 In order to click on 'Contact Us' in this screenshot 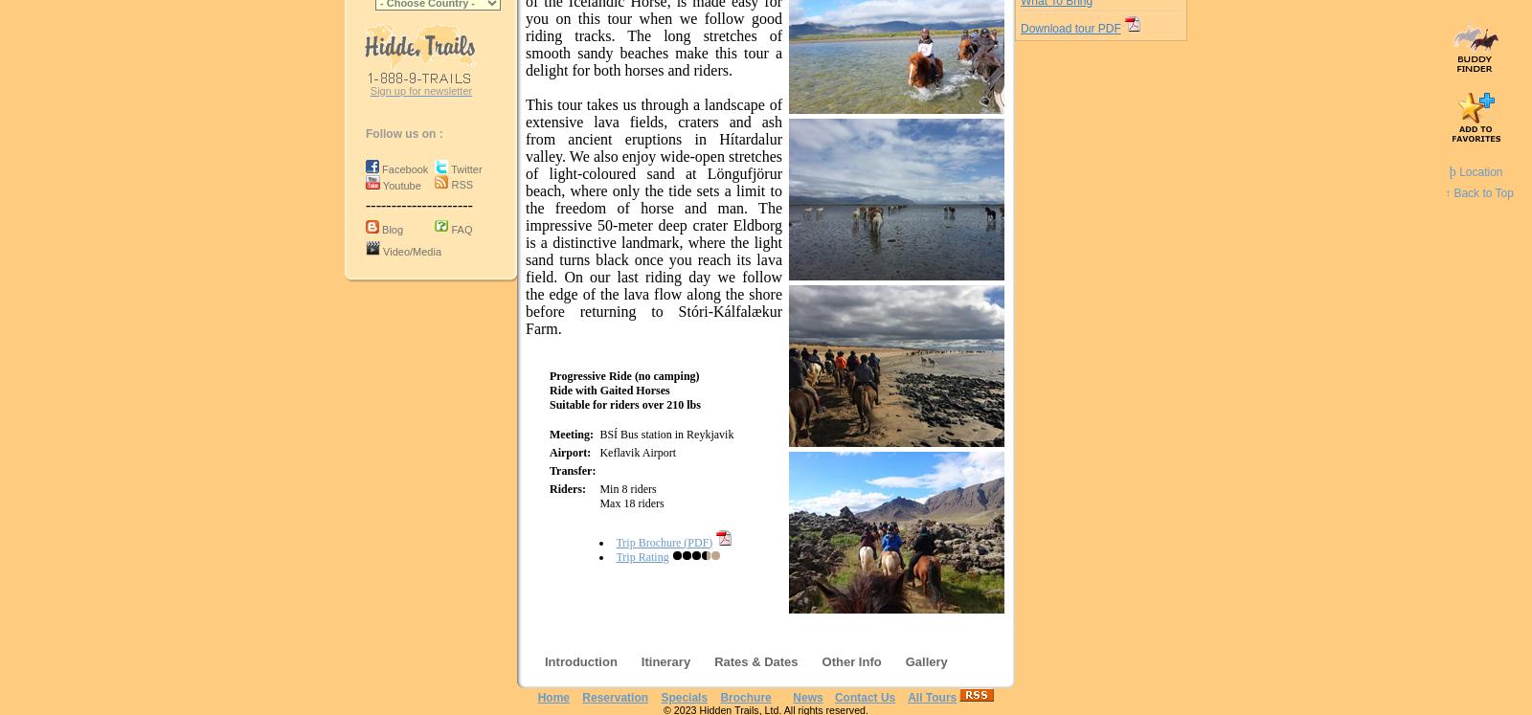, I will do `click(864, 696)`.